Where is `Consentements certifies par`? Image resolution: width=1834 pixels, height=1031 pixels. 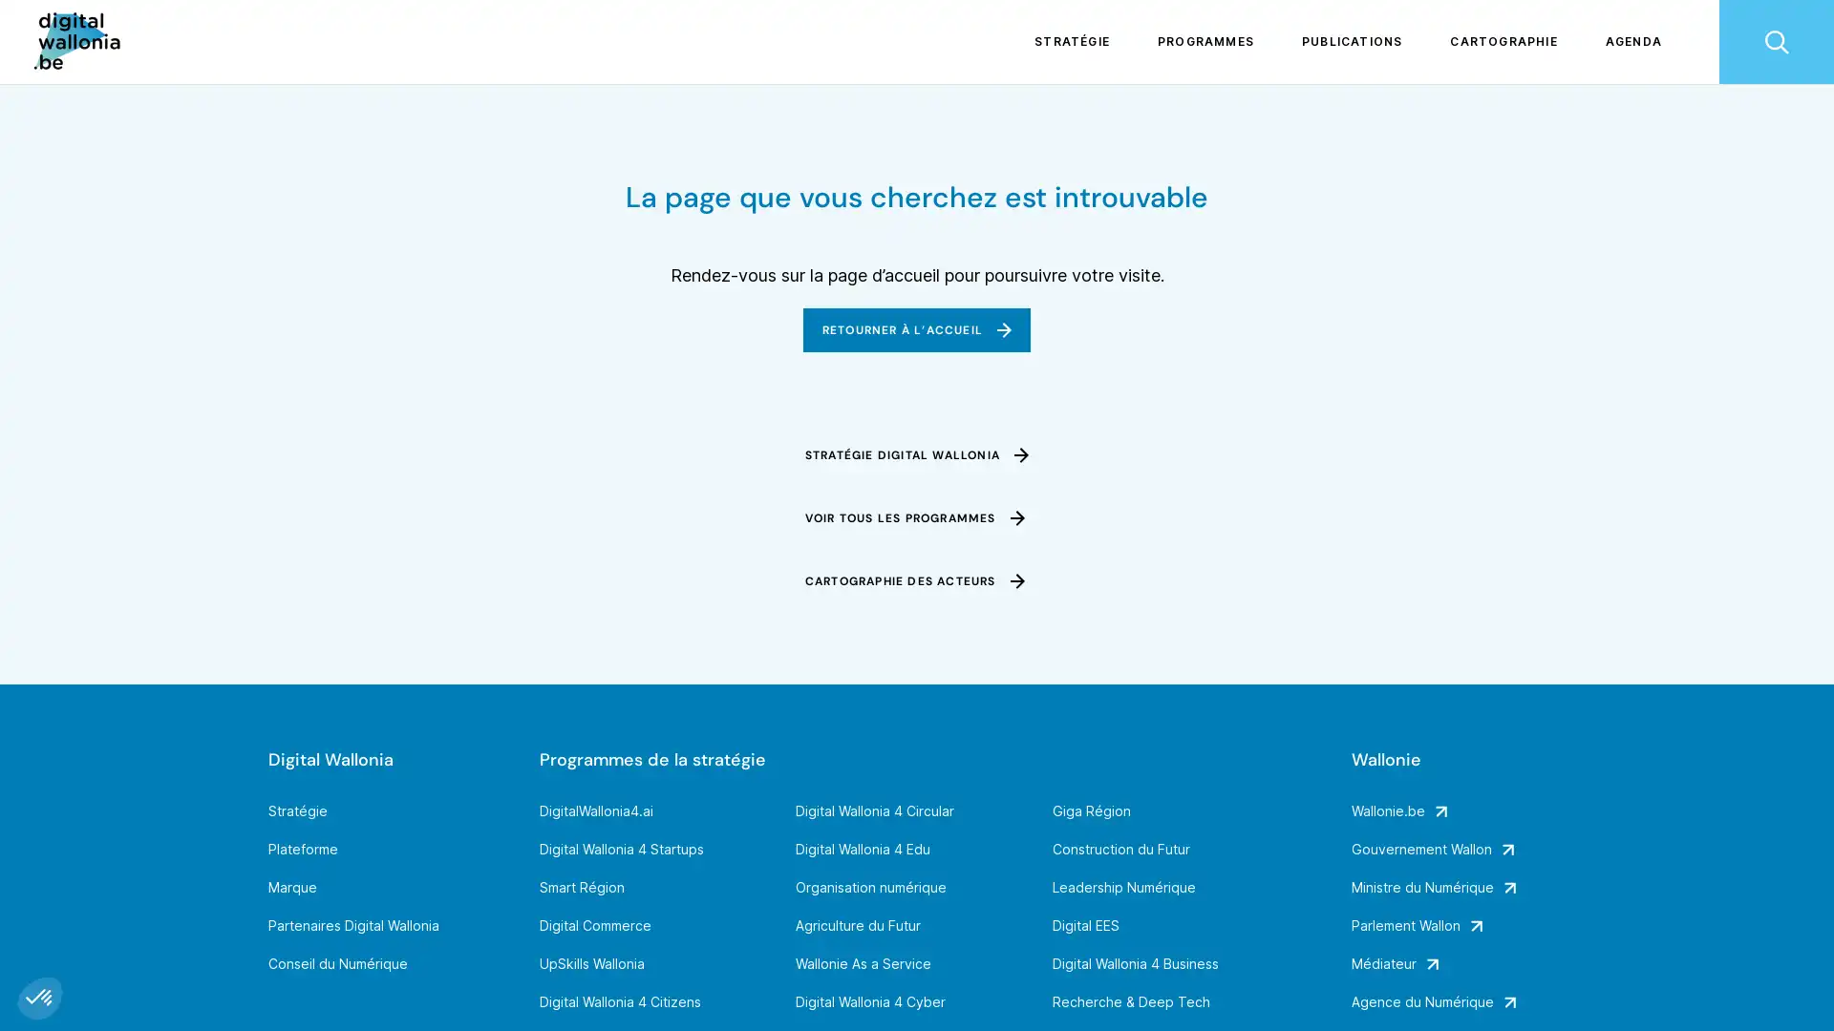 Consentements certifies par is located at coordinates (219, 901).